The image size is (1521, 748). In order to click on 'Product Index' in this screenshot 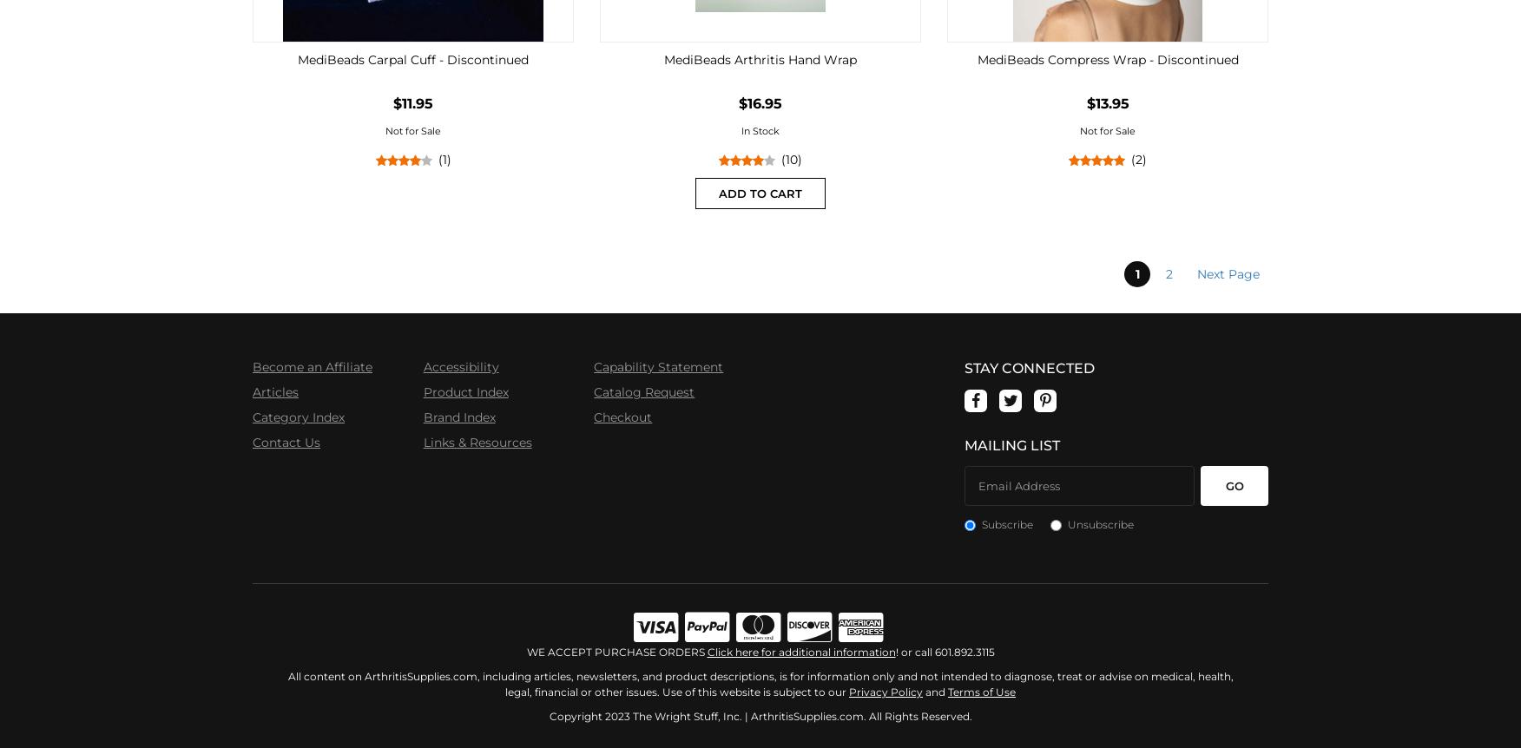, I will do `click(464, 392)`.